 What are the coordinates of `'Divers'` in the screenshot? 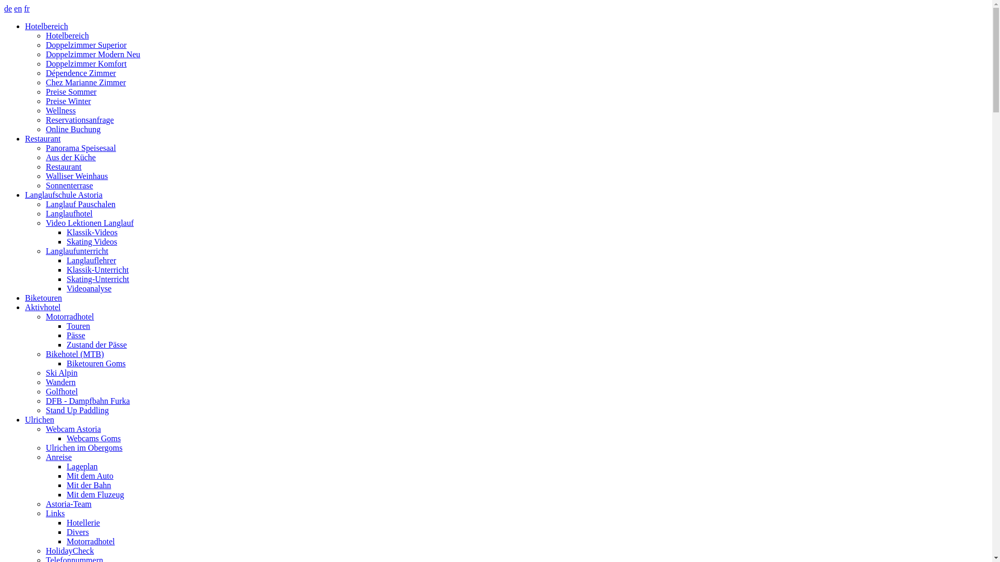 It's located at (77, 532).